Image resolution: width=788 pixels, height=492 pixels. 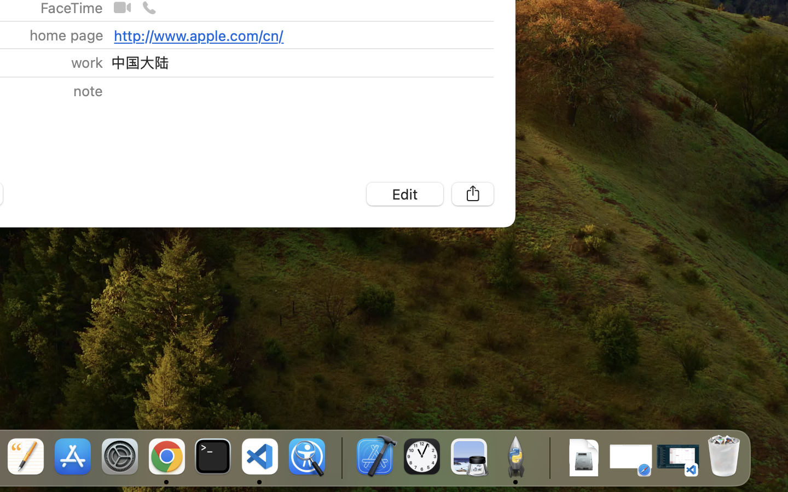 I want to click on '中国大陆', so click(x=139, y=62).